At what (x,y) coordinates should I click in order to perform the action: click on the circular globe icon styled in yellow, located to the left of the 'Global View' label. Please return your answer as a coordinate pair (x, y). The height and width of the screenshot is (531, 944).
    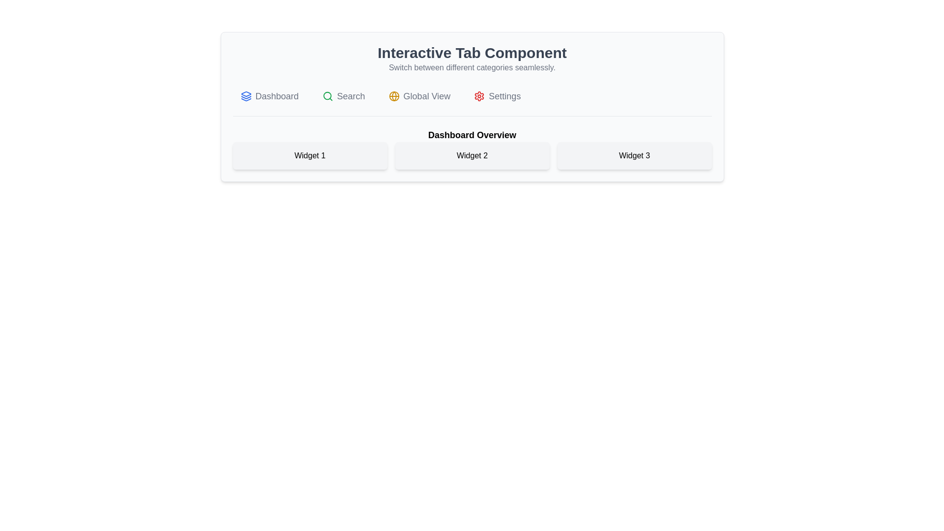
    Looking at the image, I should click on (394, 96).